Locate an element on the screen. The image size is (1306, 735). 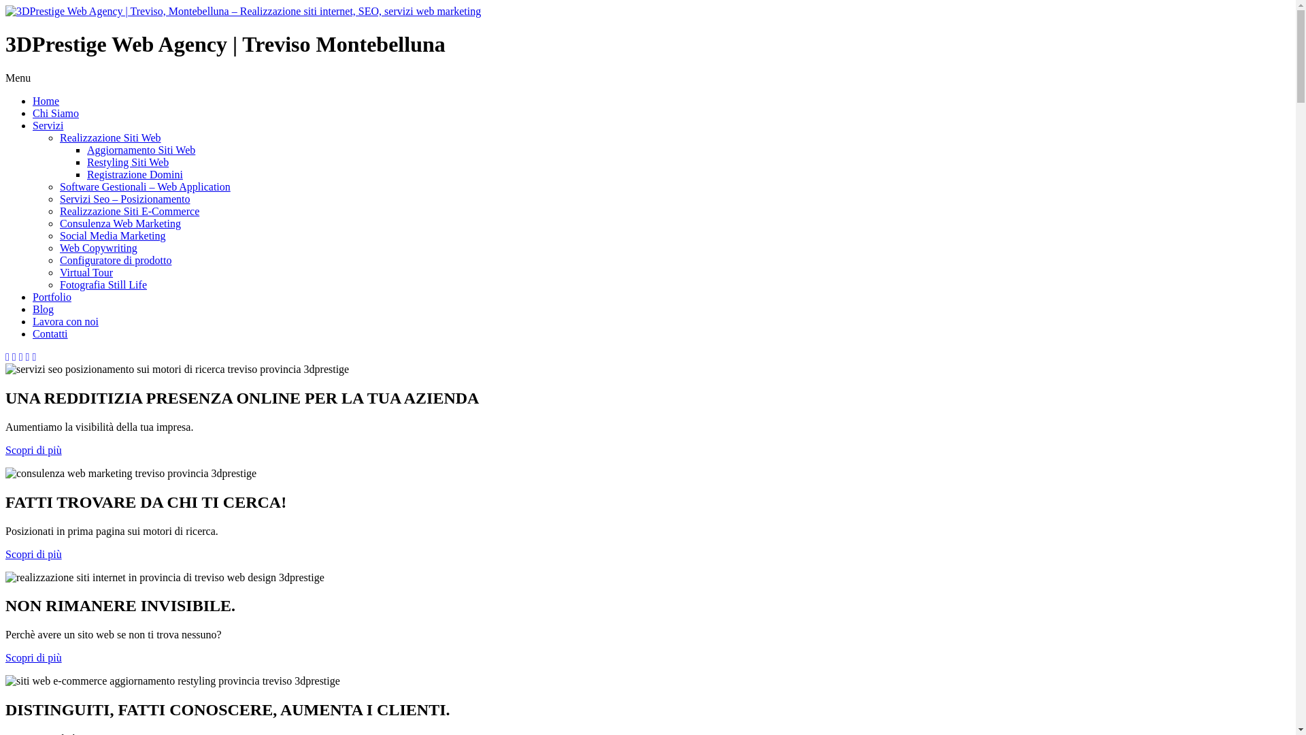
'Portfolio' is located at coordinates (33, 296).